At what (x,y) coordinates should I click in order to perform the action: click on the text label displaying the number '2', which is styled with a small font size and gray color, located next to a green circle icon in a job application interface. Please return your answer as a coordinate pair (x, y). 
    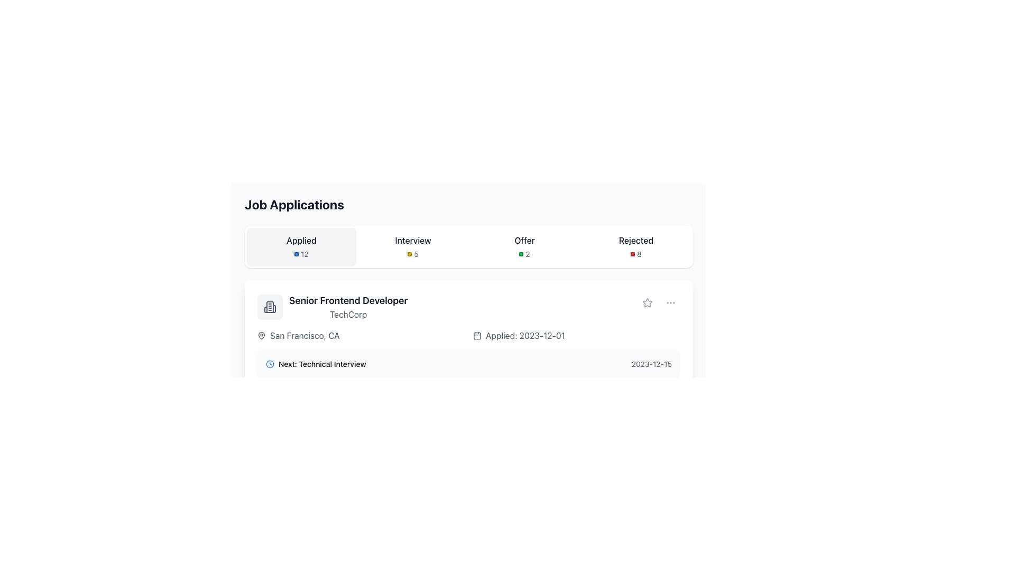
    Looking at the image, I should click on (528, 254).